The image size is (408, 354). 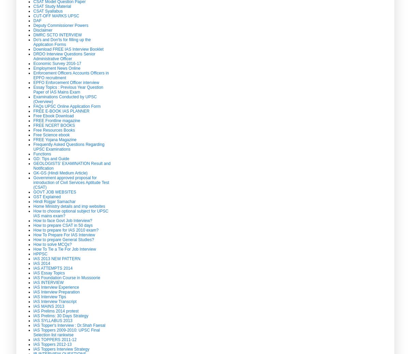 What do you see at coordinates (52, 243) in the screenshot?
I see `'How to solve MCQs?'` at bounding box center [52, 243].